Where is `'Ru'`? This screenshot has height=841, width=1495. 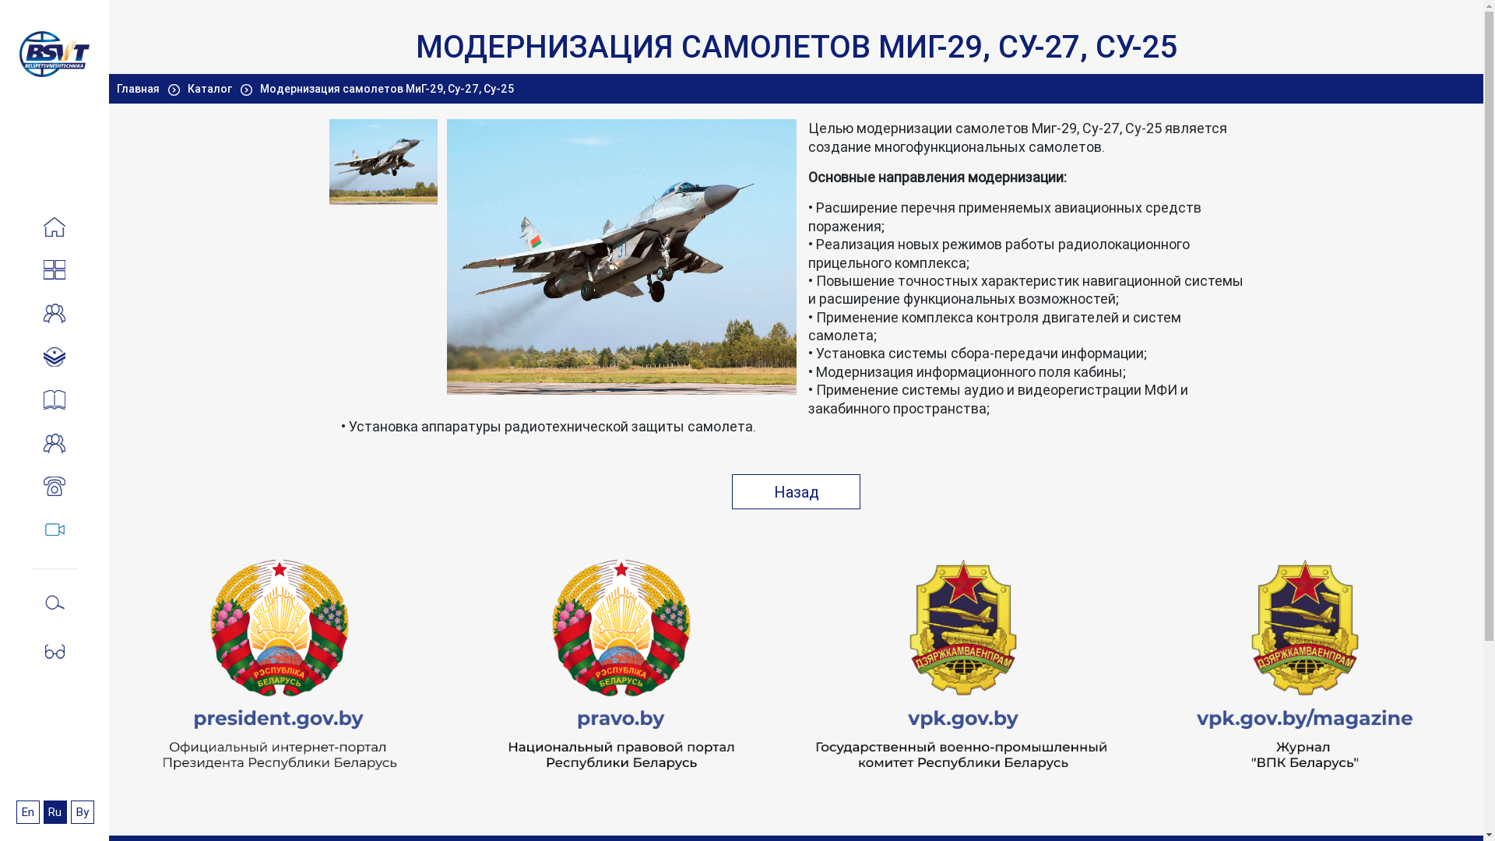 'Ru' is located at coordinates (55, 811).